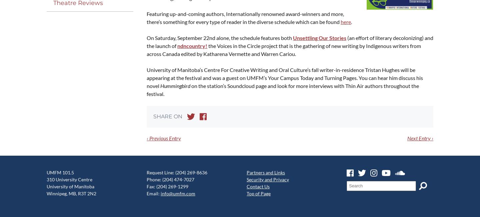  Describe the element at coordinates (177, 172) in the screenshot. I see `'Request Line: (204) 269-8636'` at that location.